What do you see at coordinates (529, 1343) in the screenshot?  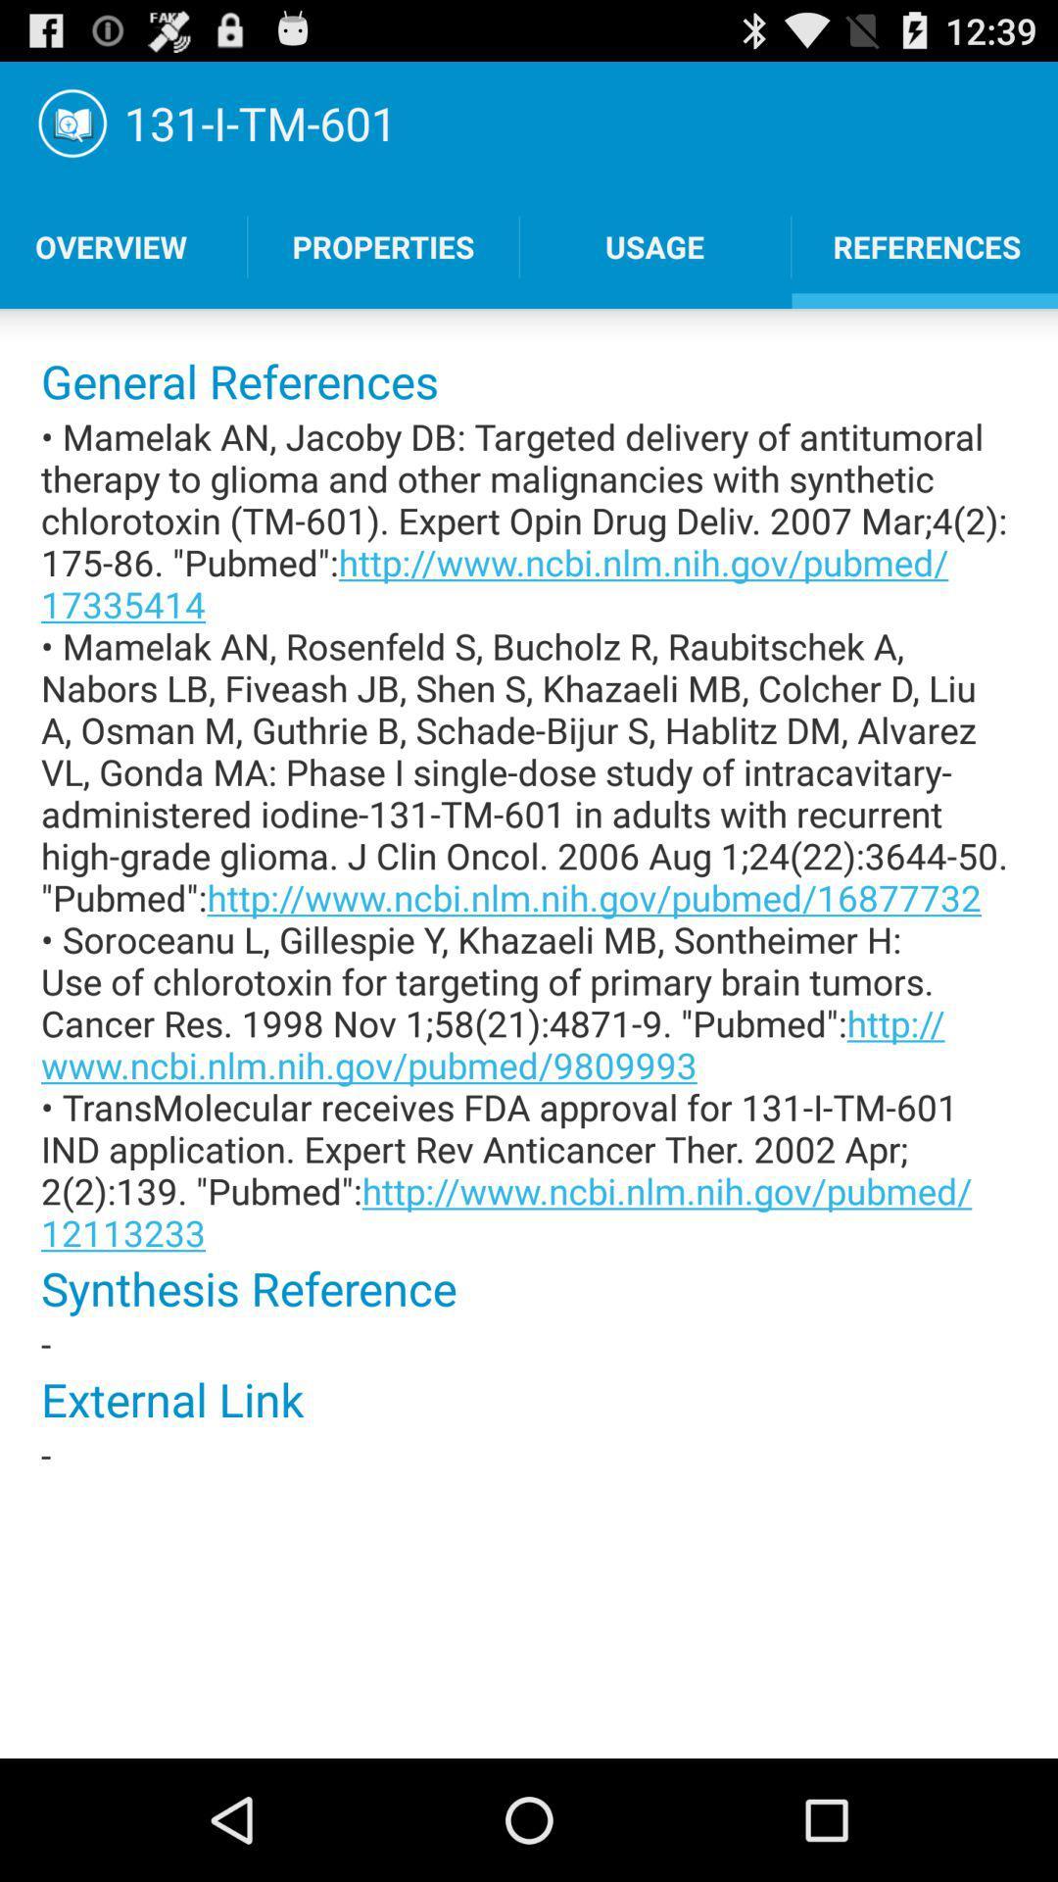 I see `the icon below synthesis reference` at bounding box center [529, 1343].